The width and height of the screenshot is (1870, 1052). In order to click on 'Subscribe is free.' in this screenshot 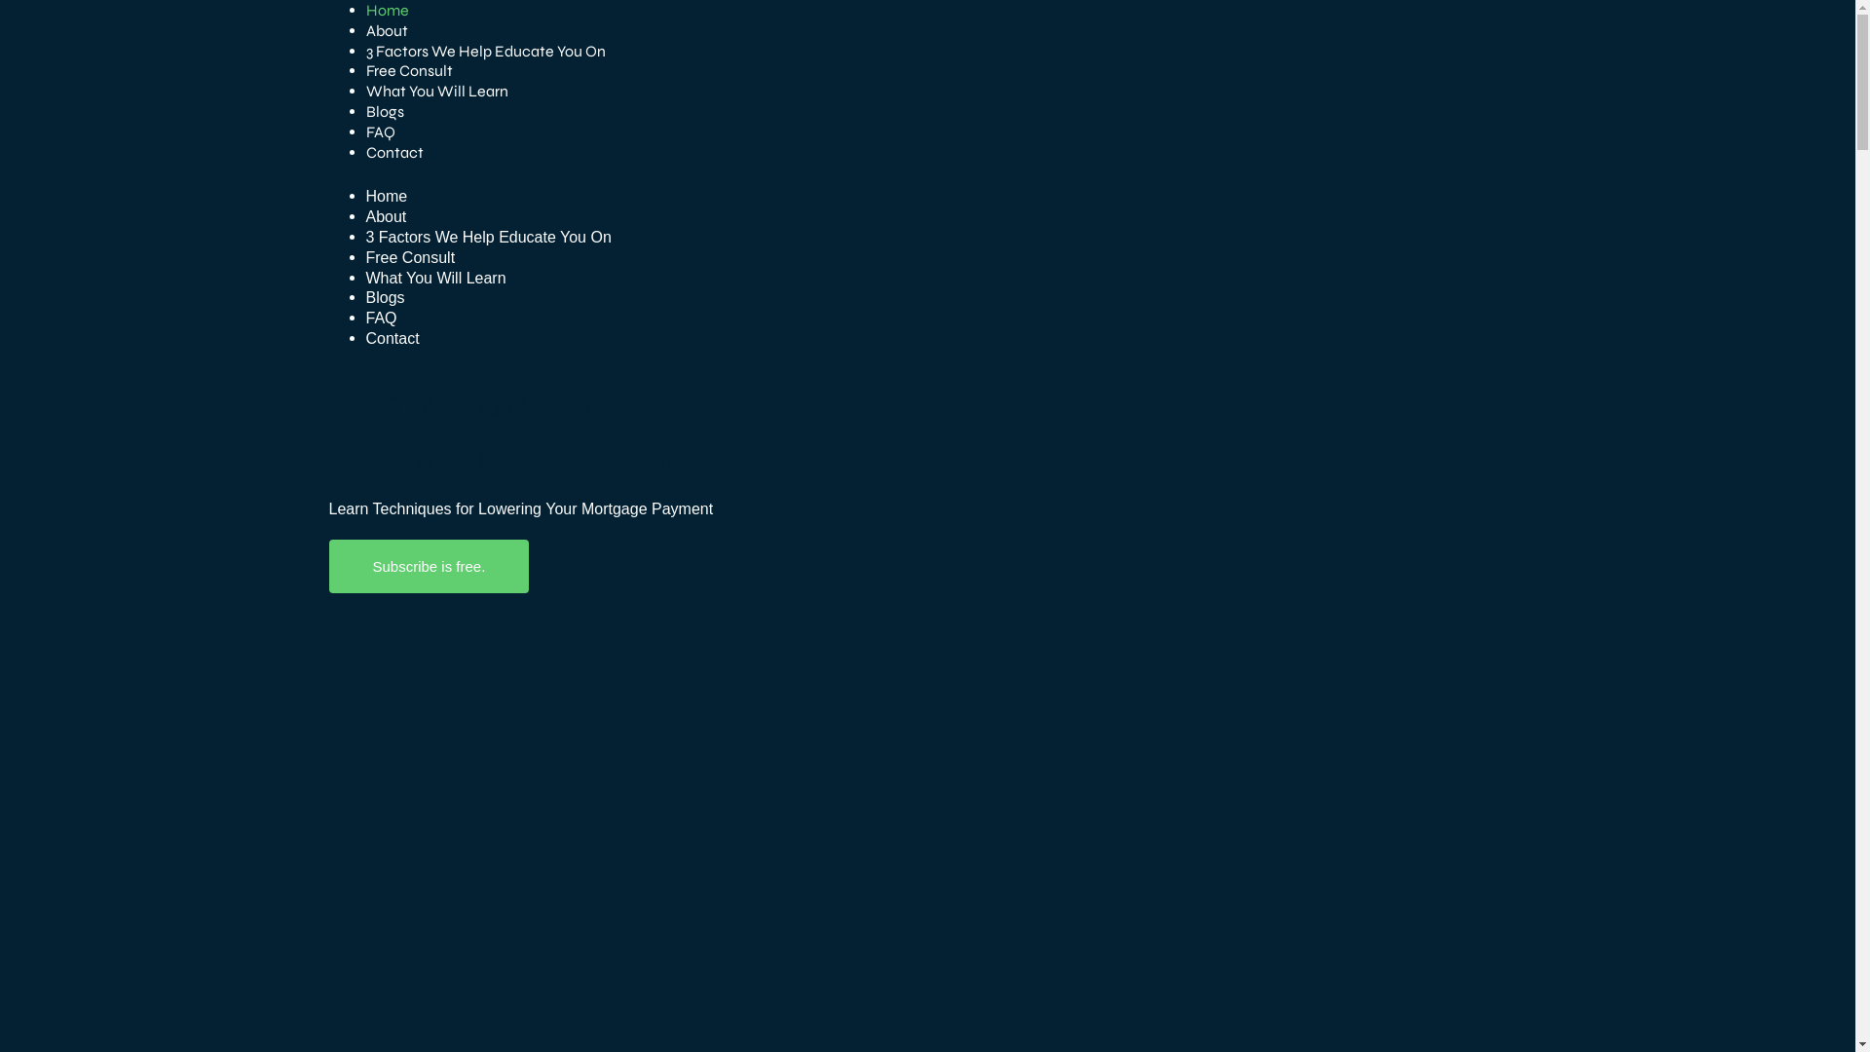, I will do `click(429, 566)`.